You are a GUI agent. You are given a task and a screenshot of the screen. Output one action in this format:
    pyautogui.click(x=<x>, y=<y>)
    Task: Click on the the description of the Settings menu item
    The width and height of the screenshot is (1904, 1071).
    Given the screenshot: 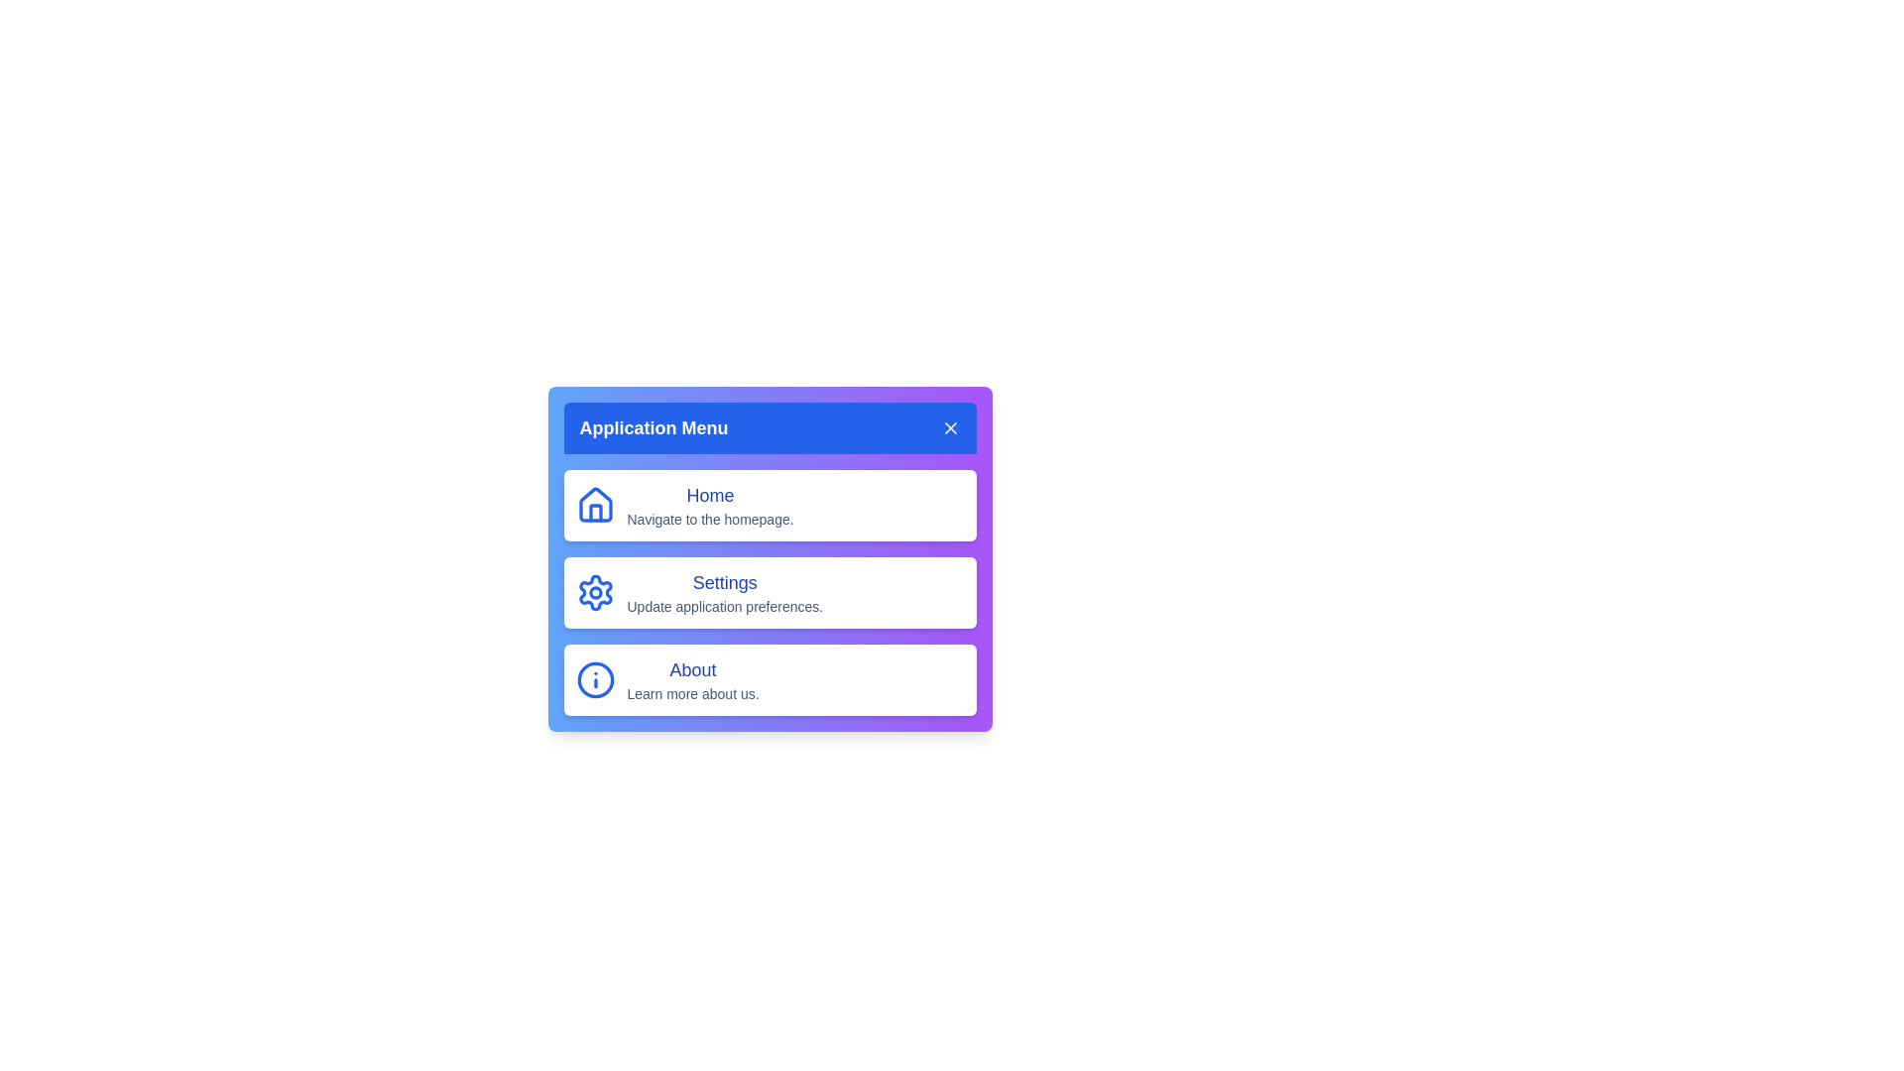 What is the action you would take?
    pyautogui.click(x=724, y=606)
    